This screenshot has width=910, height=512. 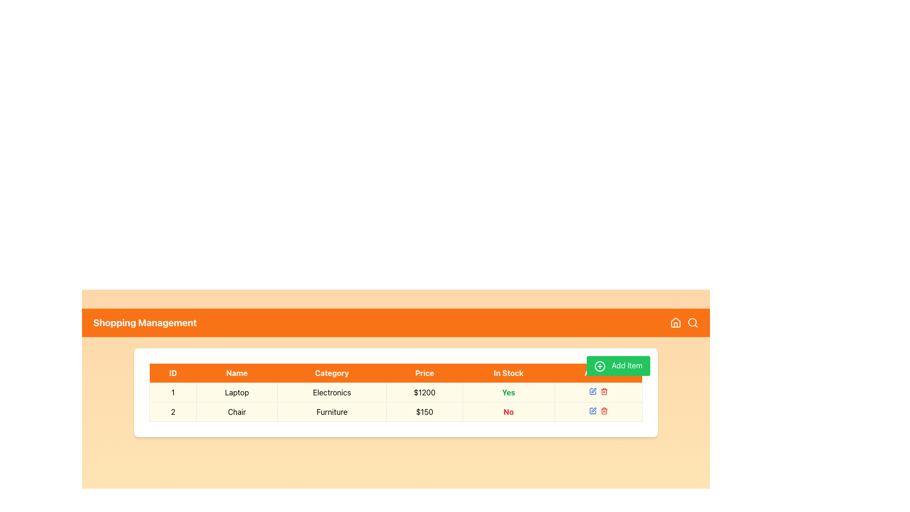 I want to click on the trash icon located in the center of the icon group to the right of the second row in the table, so click(x=603, y=392).